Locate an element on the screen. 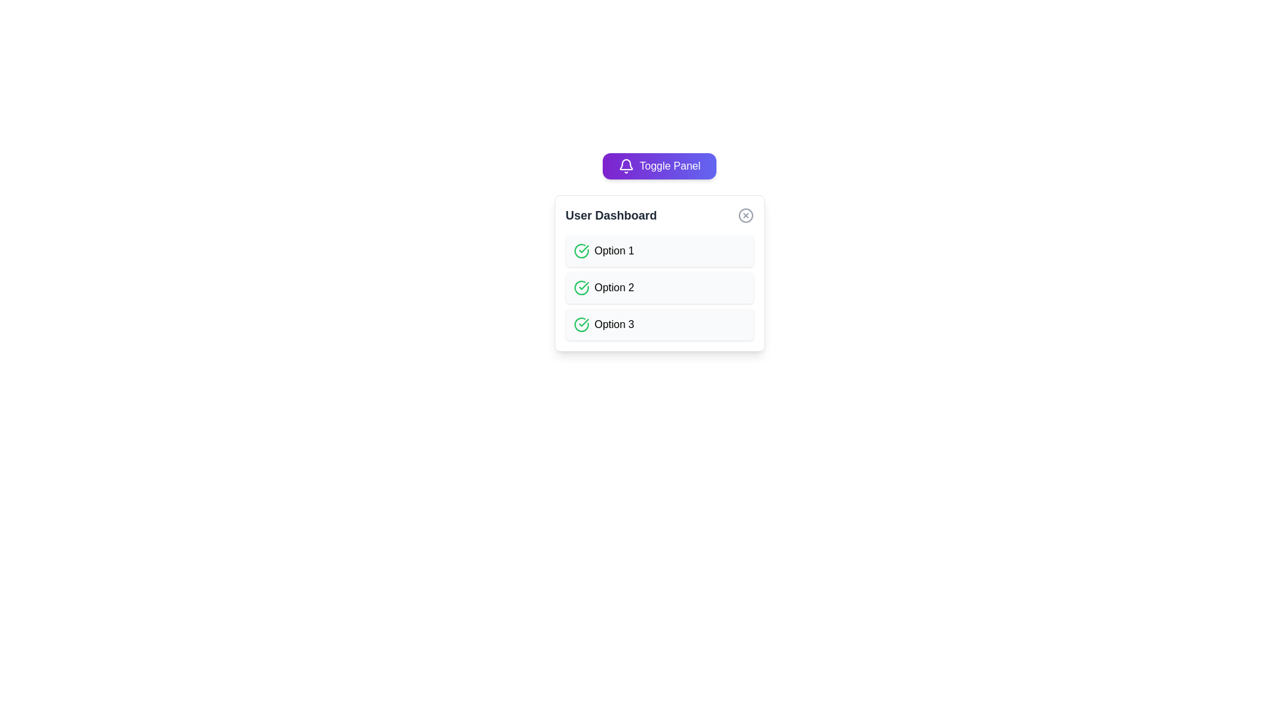  the Text Label that serves as the title or heading for the card layout, located in the top-left corner of the card, to the left of the interactive close button styled as an 'X' icon is located at coordinates (611, 214).